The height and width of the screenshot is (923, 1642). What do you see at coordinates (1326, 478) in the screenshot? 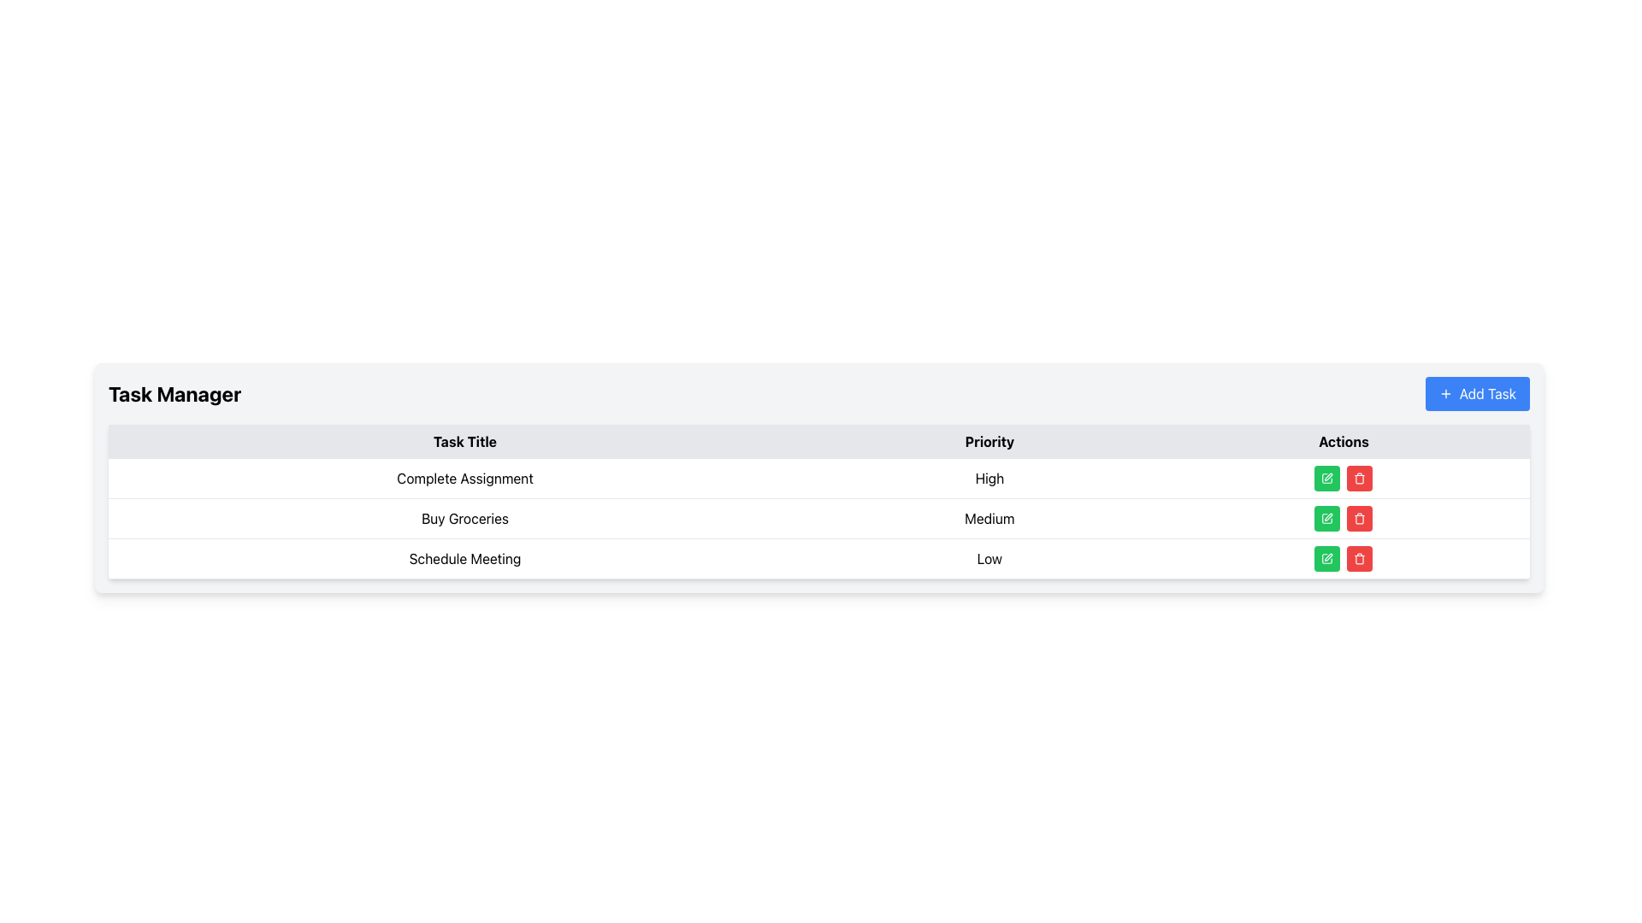
I see `the edit icon located within the green rounded button in the 'Actions' column of the first row in the 'Task Manager' interface to initiate editing of the task` at bounding box center [1326, 478].